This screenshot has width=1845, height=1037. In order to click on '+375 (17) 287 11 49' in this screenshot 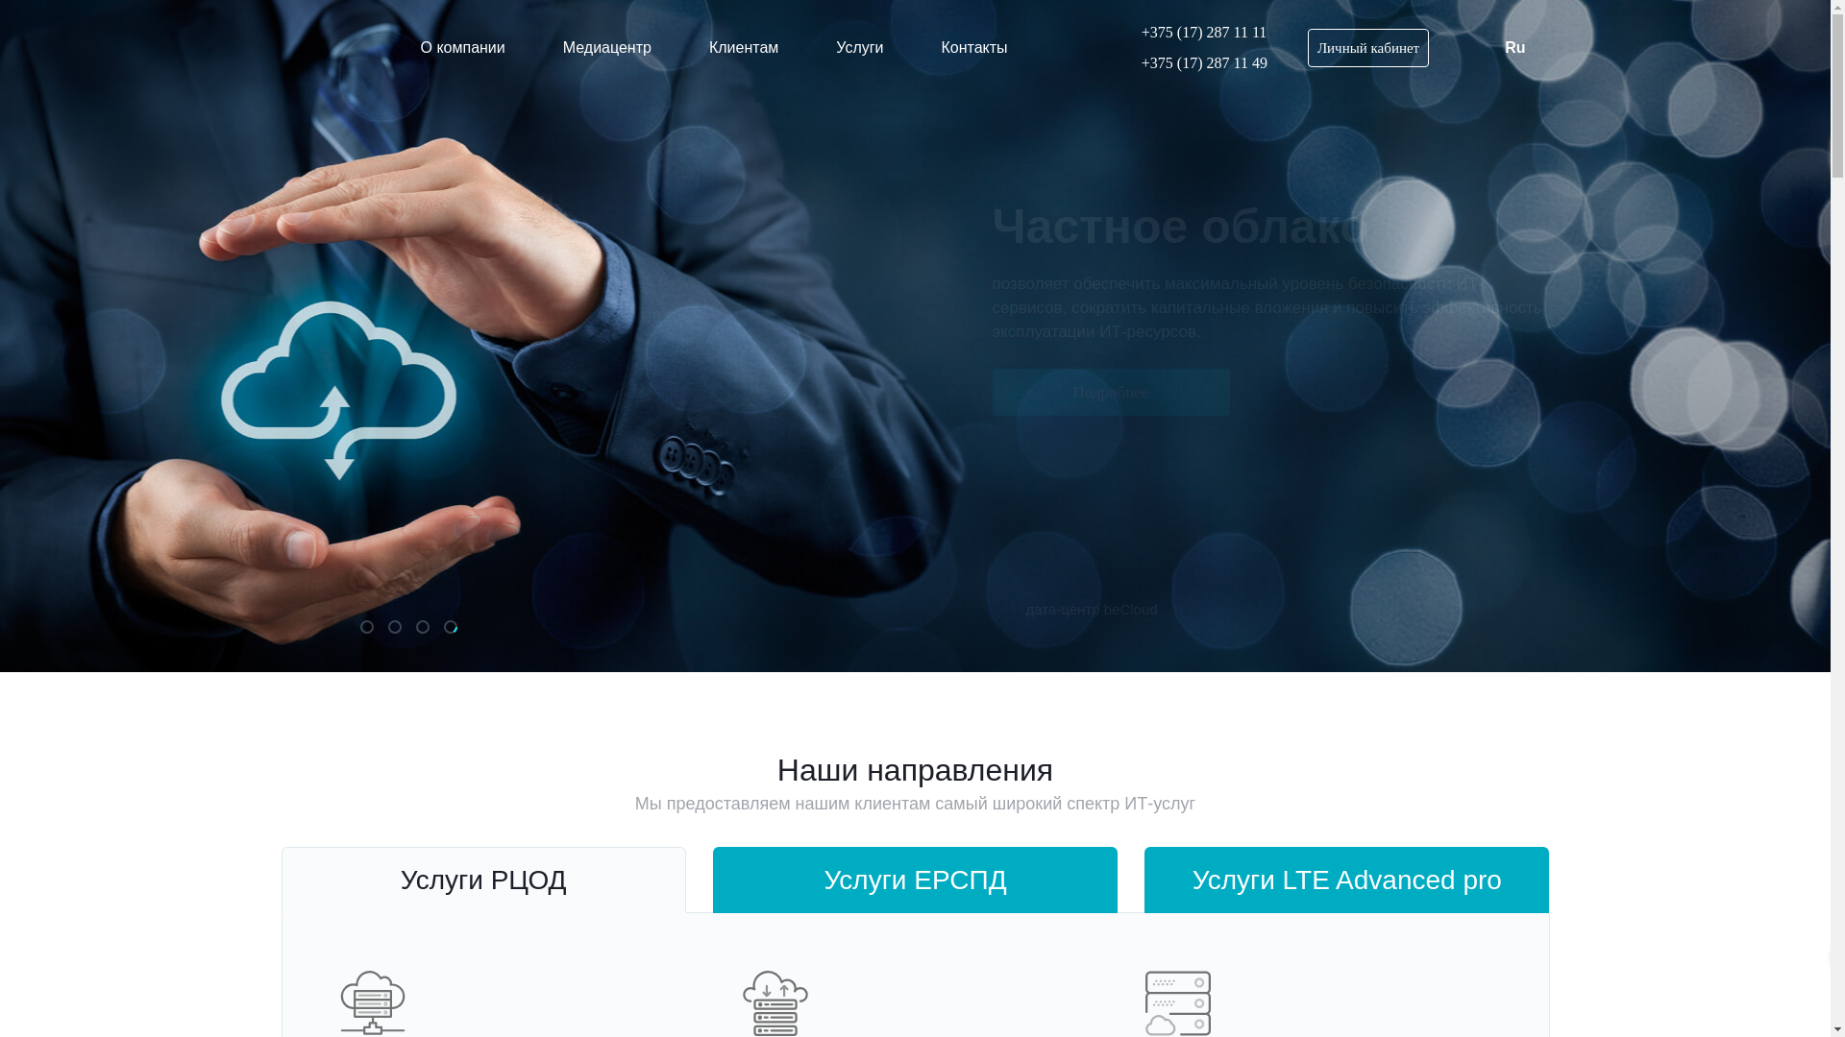, I will do `click(1193, 61)`.